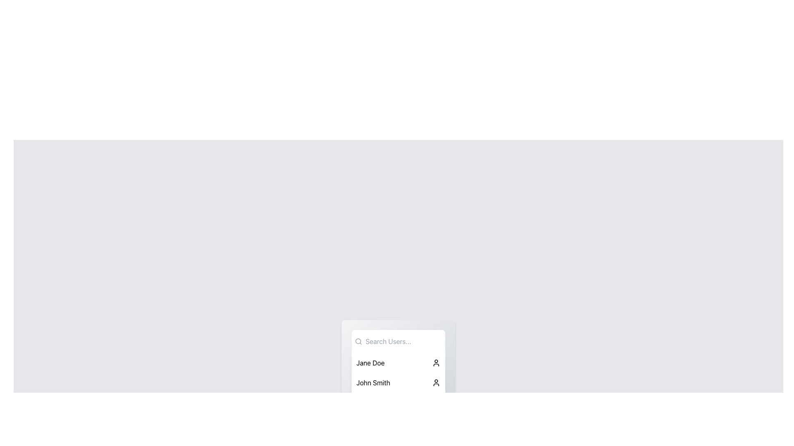  What do you see at coordinates (436, 363) in the screenshot?
I see `the user icon, which is a simple black SVG silhouette of a user, located at the far-right end of the entry labeled 'Jane Doe'` at bounding box center [436, 363].